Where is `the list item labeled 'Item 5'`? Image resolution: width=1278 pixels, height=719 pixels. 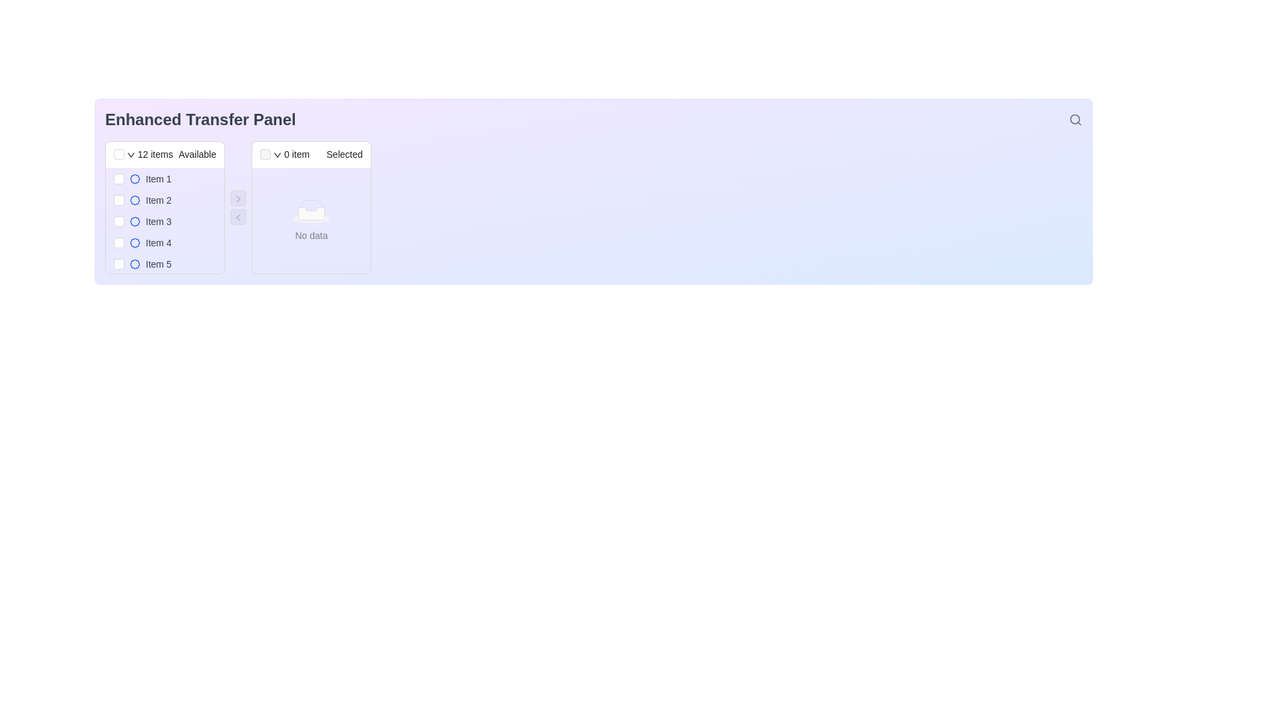 the list item labeled 'Item 5' is located at coordinates (172, 264).